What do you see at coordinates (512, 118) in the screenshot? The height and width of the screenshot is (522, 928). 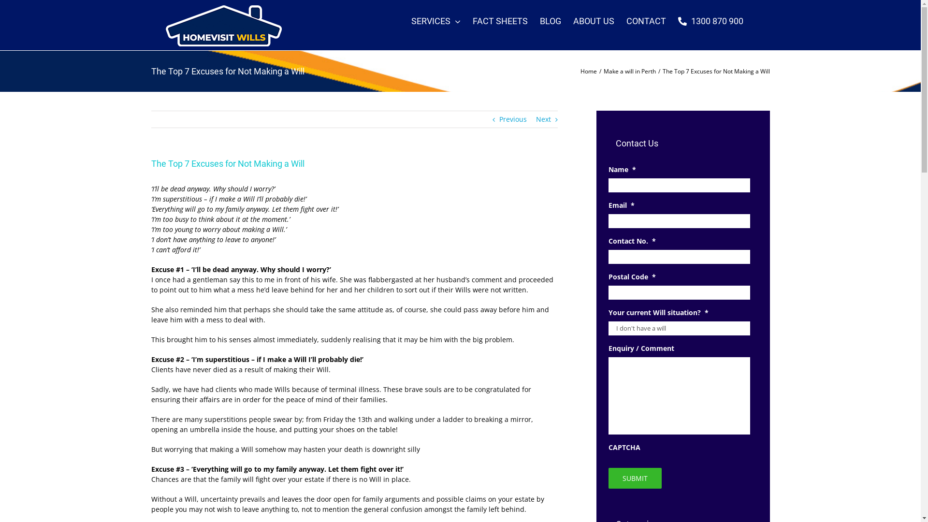 I see `'Previous'` at bounding box center [512, 118].